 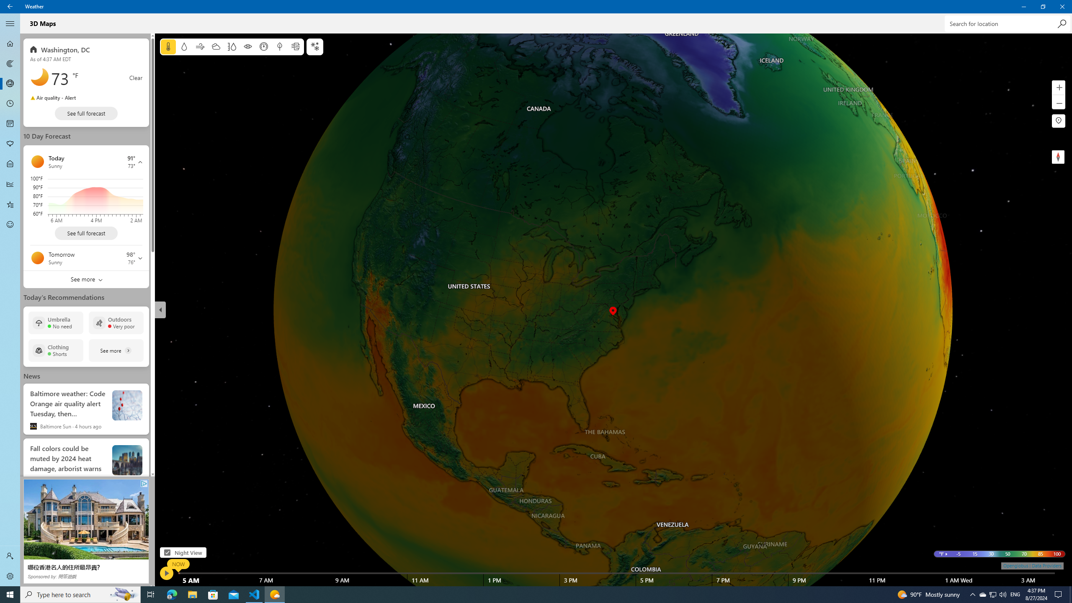 What do you see at coordinates (10, 144) in the screenshot?
I see `'Pollen - Not Selected'` at bounding box center [10, 144].